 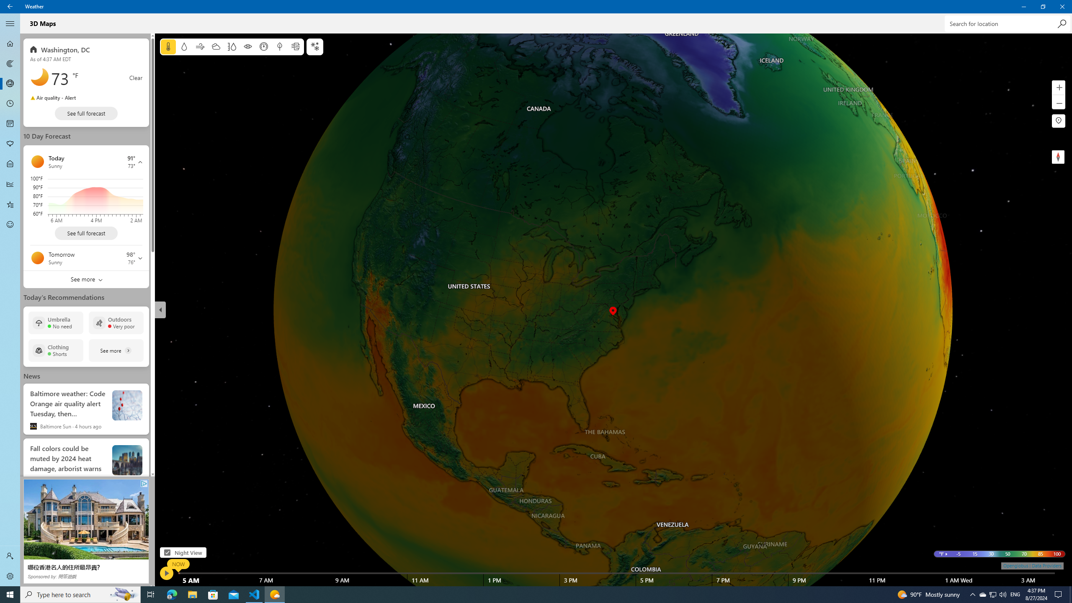 What do you see at coordinates (10, 144) in the screenshot?
I see `'Pollen - Not Selected'` at bounding box center [10, 144].